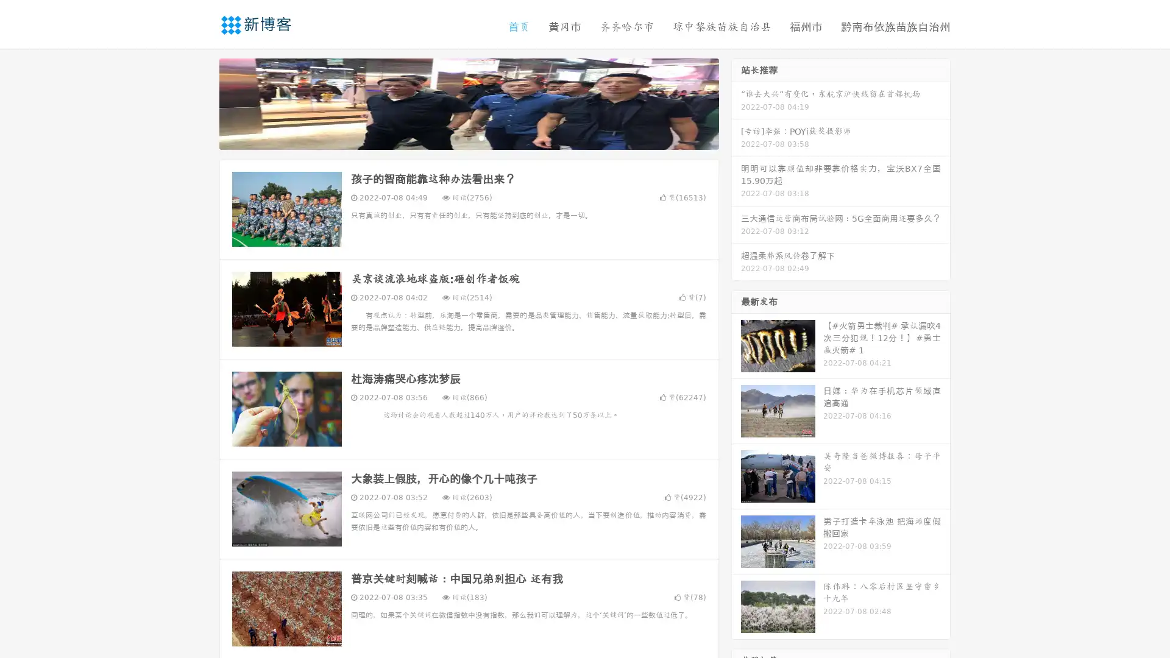 This screenshot has height=658, width=1170. What do you see at coordinates (468, 137) in the screenshot?
I see `Go to slide 2` at bounding box center [468, 137].